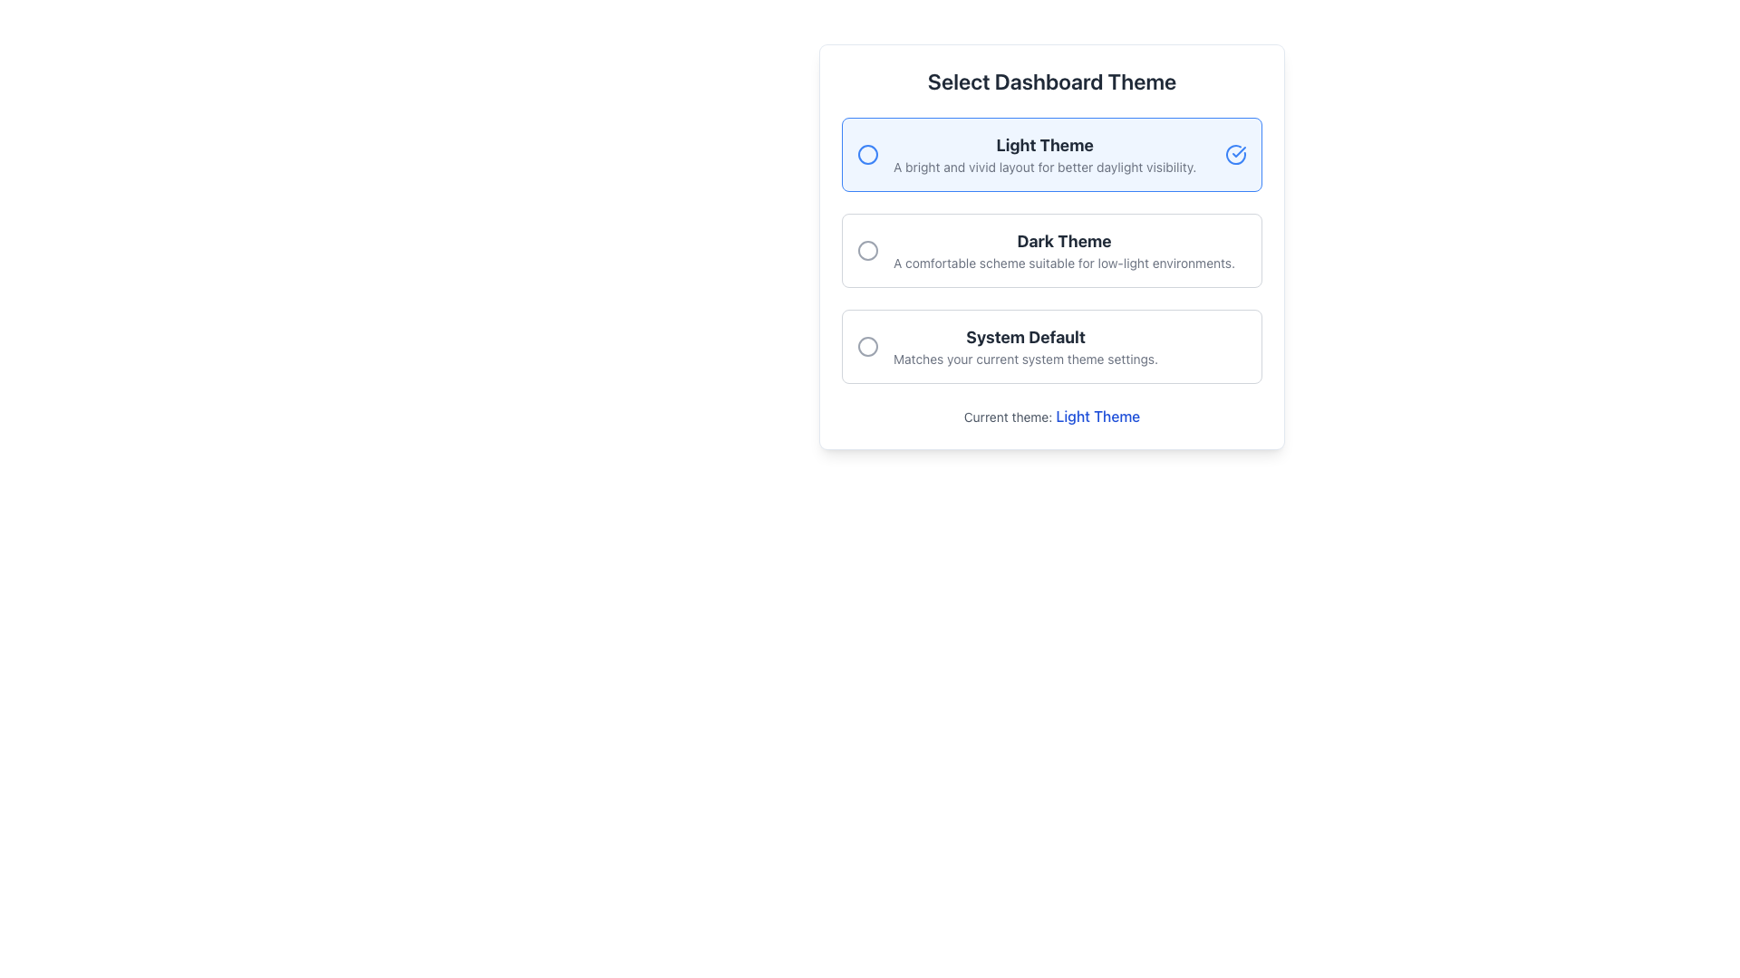 This screenshot has height=978, width=1740. What do you see at coordinates (867, 153) in the screenshot?
I see `the decorative icon associated with the 'Light Theme' selection, located on the left side of the selection area` at bounding box center [867, 153].